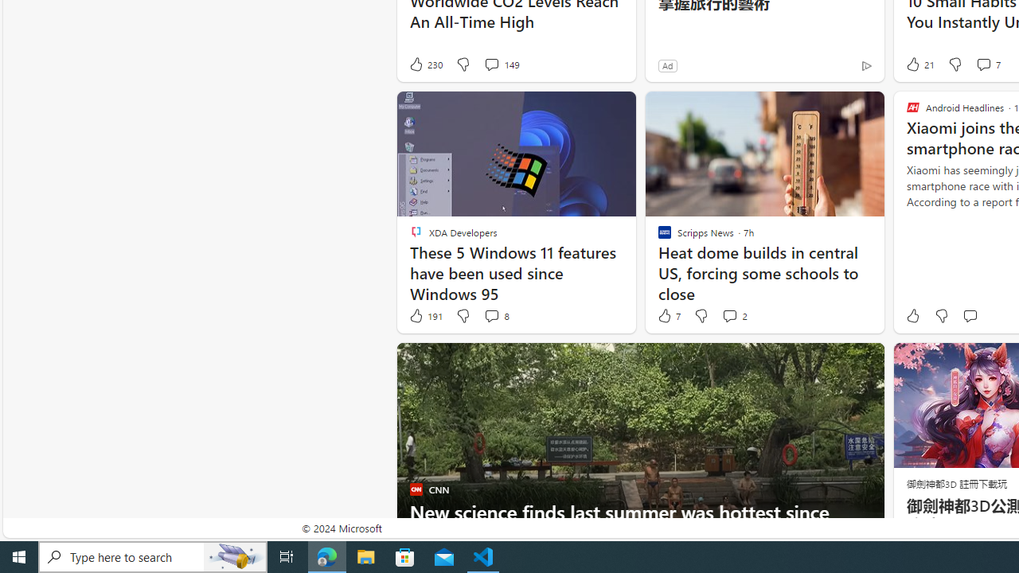 This screenshot has width=1019, height=573. What do you see at coordinates (733, 316) in the screenshot?
I see `'View comments 2 Comment'` at bounding box center [733, 316].